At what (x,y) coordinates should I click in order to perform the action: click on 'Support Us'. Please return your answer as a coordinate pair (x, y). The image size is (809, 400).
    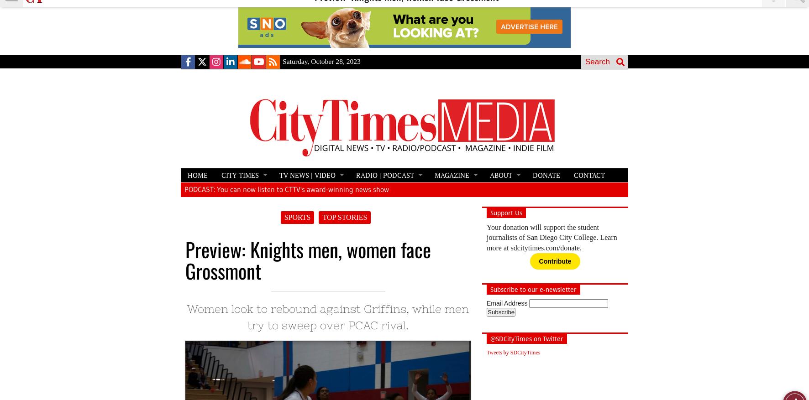
    Looking at the image, I should click on (505, 213).